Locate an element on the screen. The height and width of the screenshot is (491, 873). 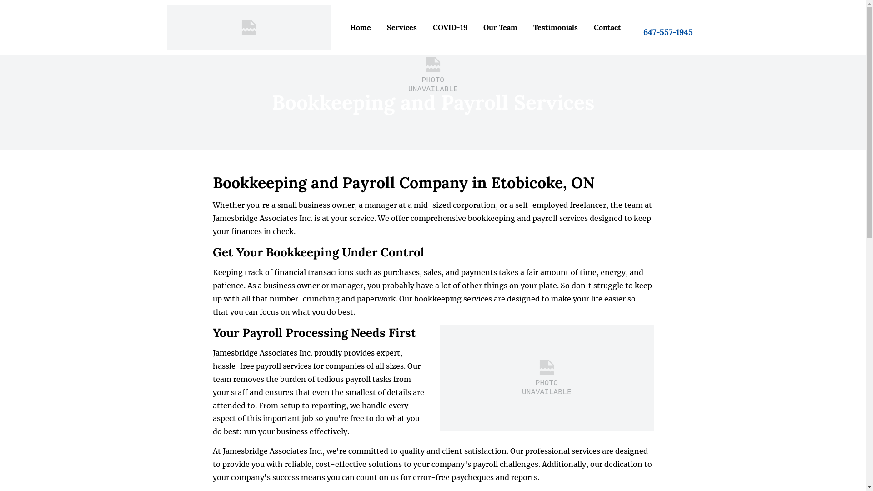
'Testimonials' is located at coordinates (527, 27).